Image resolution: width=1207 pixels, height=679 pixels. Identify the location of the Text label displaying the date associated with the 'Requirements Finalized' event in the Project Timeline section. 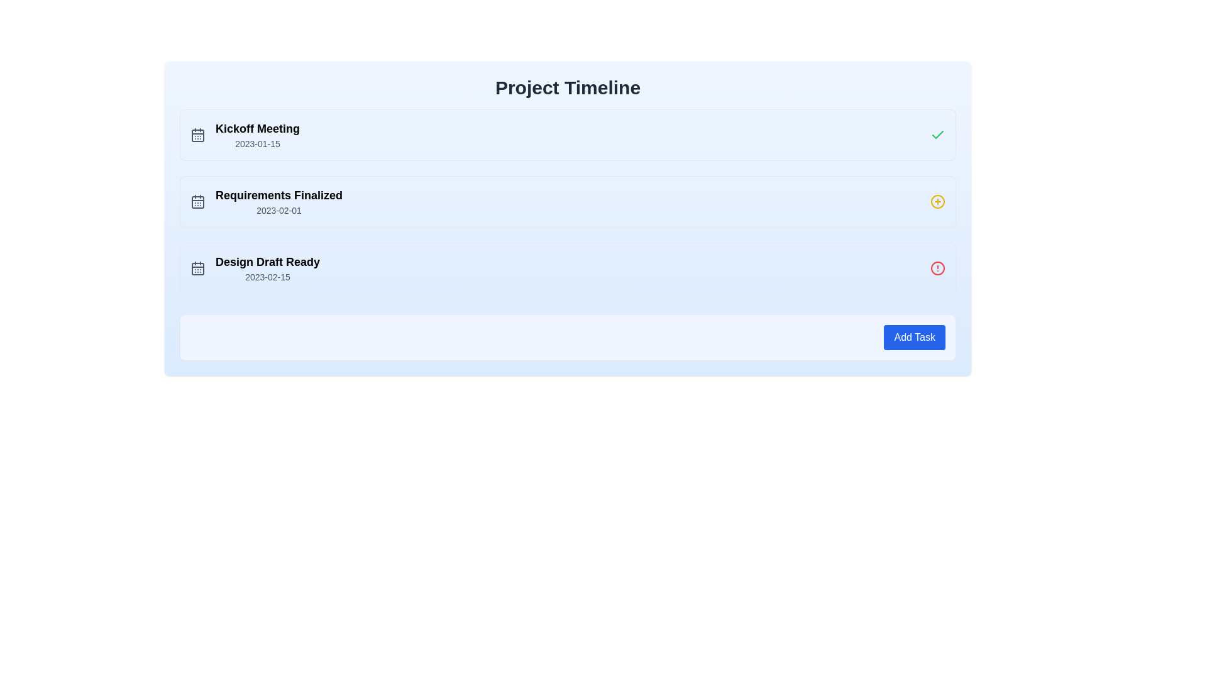
(278, 210).